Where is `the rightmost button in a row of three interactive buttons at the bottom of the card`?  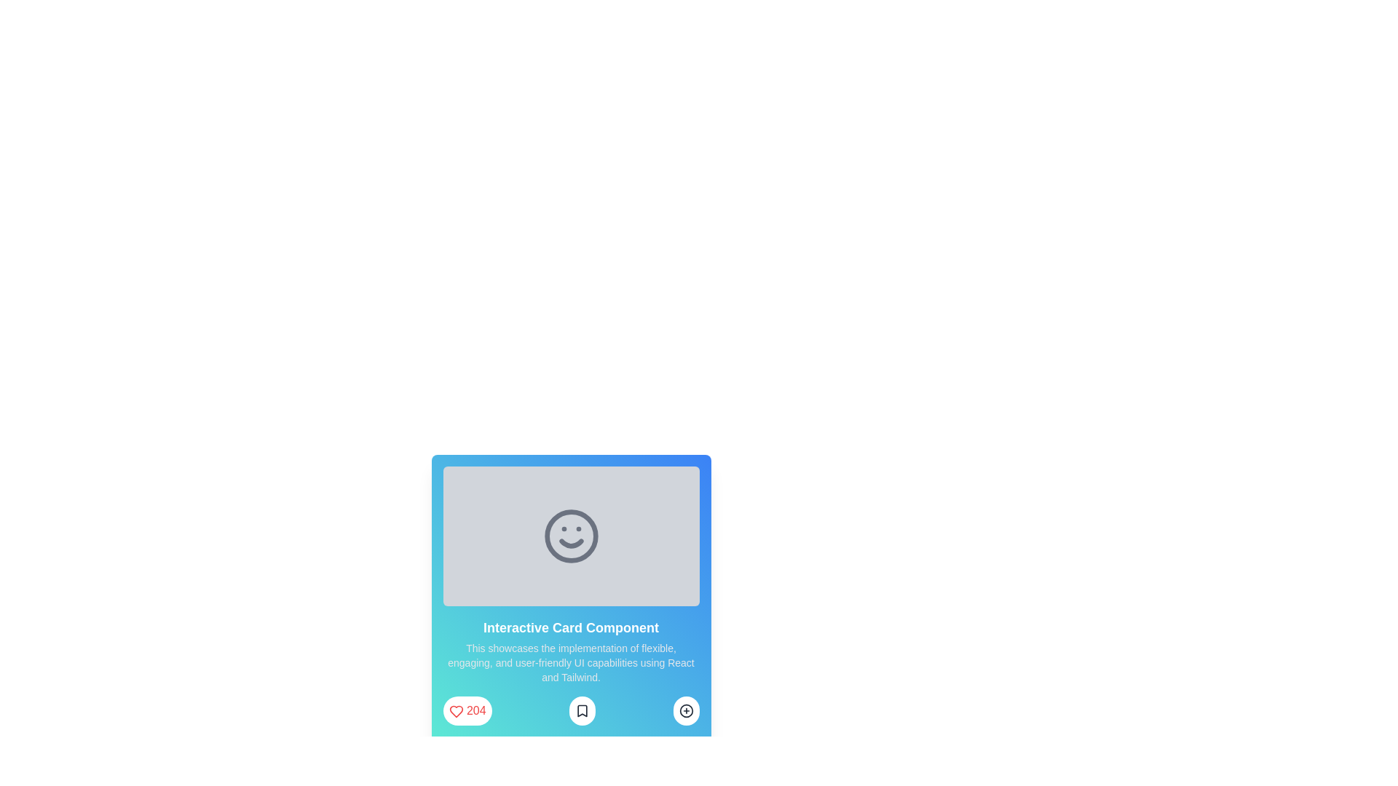
the rightmost button in a row of three interactive buttons at the bottom of the card is located at coordinates (685, 710).